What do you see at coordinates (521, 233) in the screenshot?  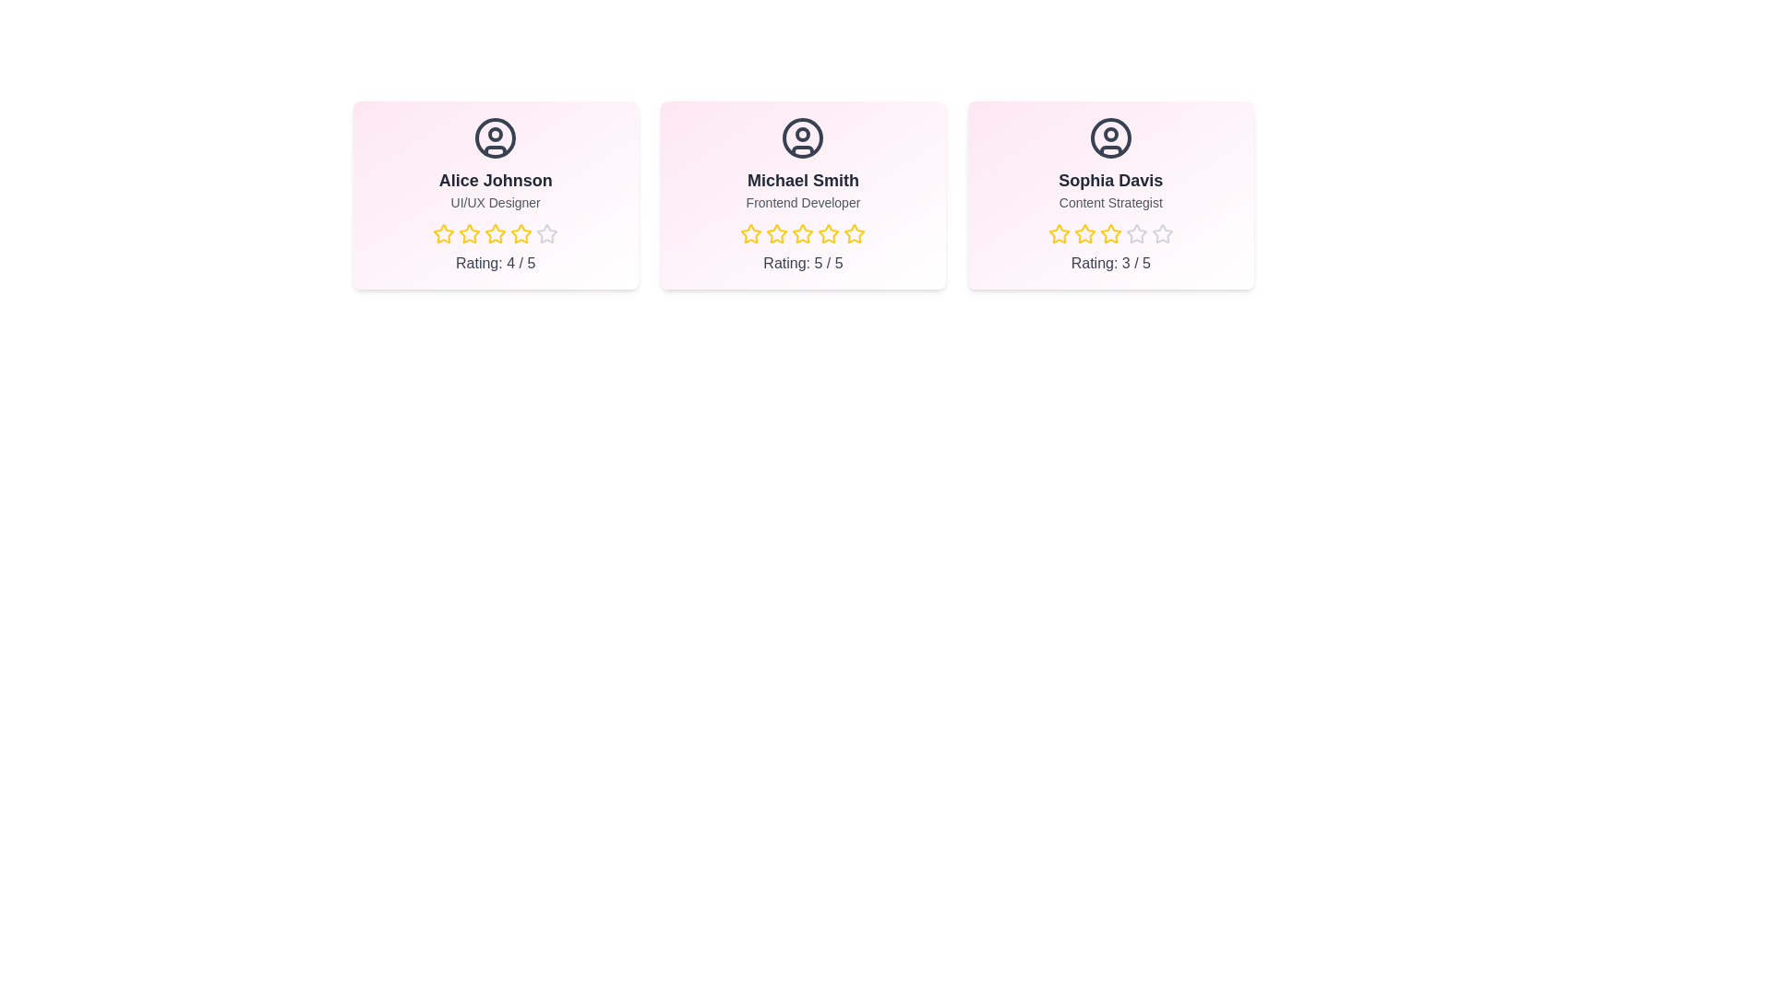 I see `the star corresponding to 4 stars for the team member Alice Johnson` at bounding box center [521, 233].